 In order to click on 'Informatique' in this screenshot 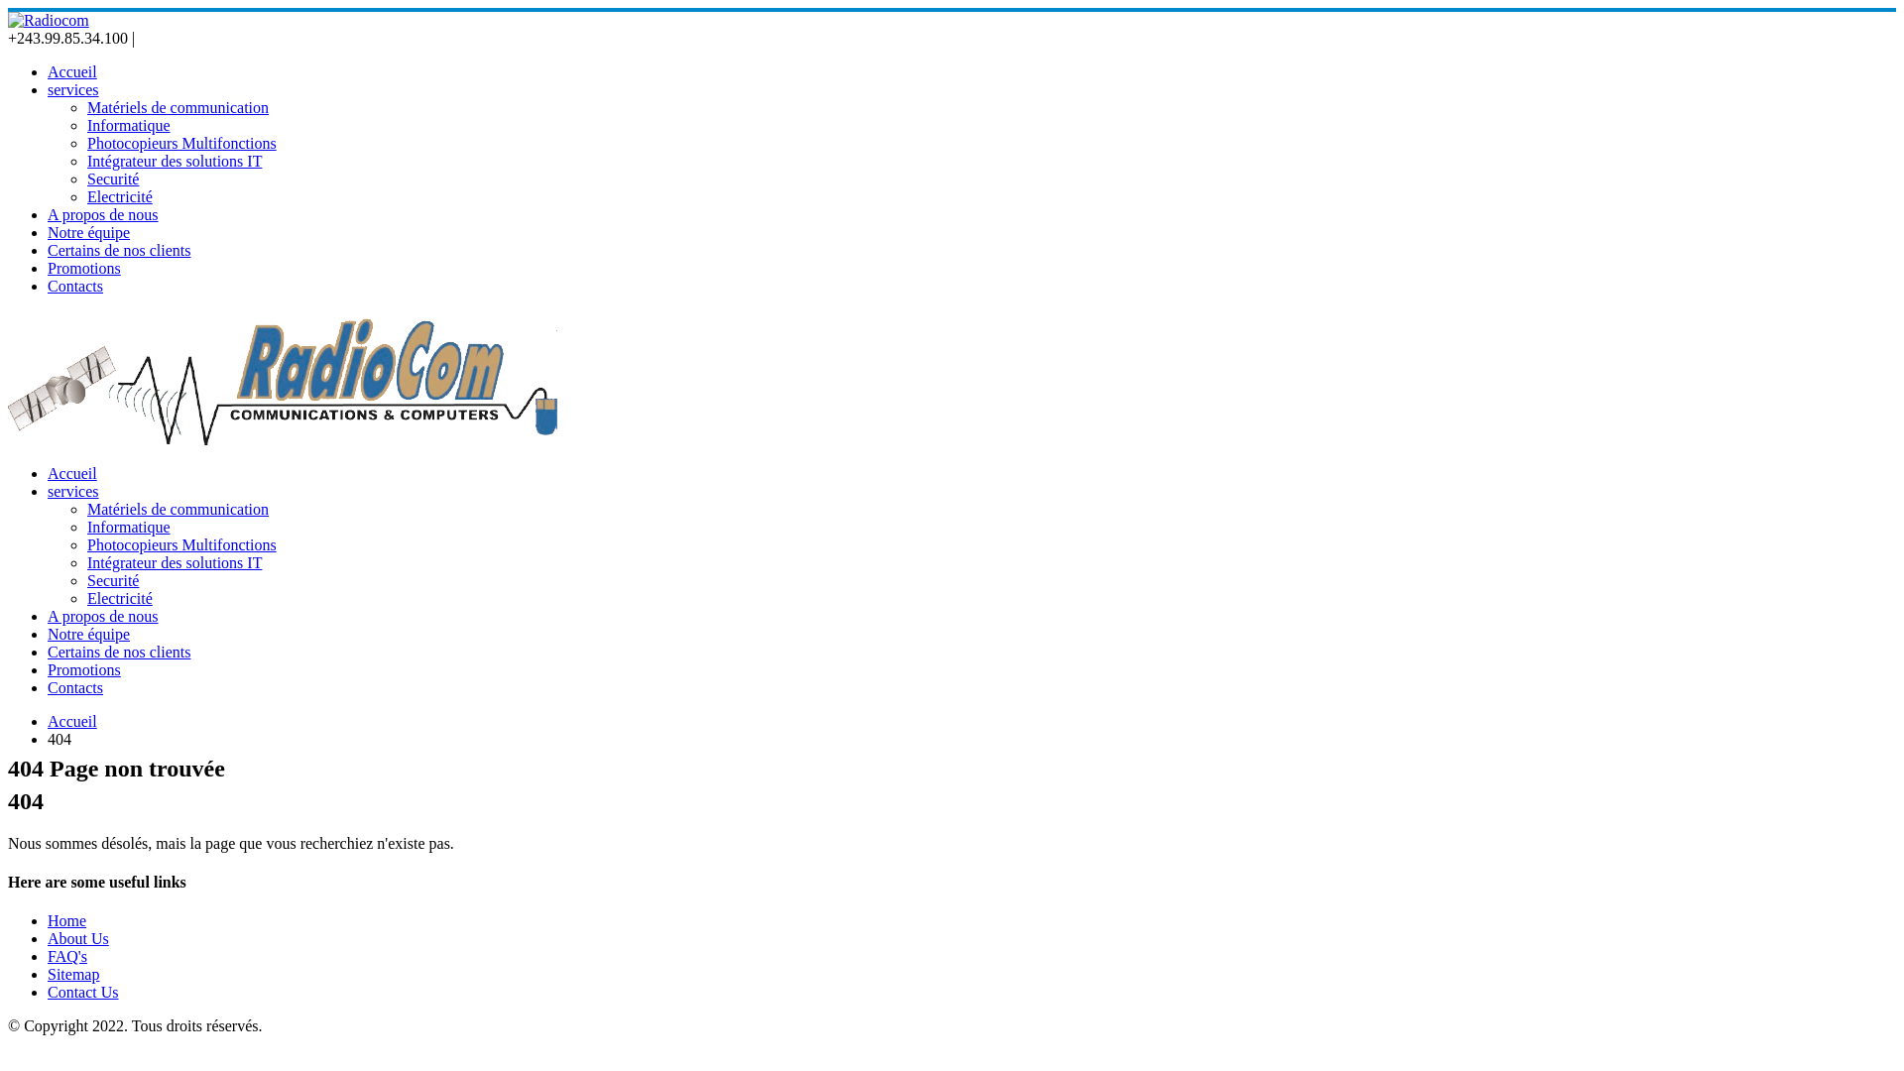, I will do `click(127, 526)`.